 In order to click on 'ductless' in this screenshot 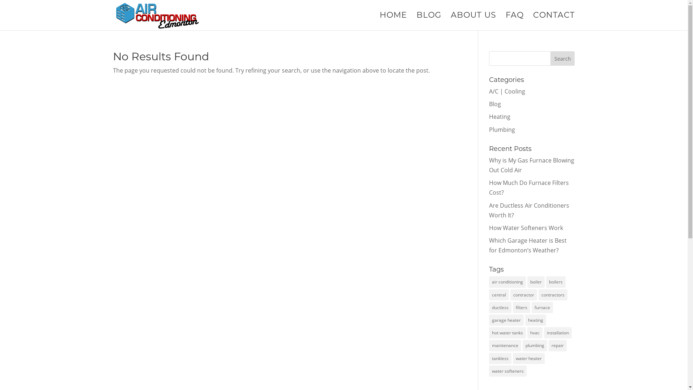, I will do `click(500, 307)`.